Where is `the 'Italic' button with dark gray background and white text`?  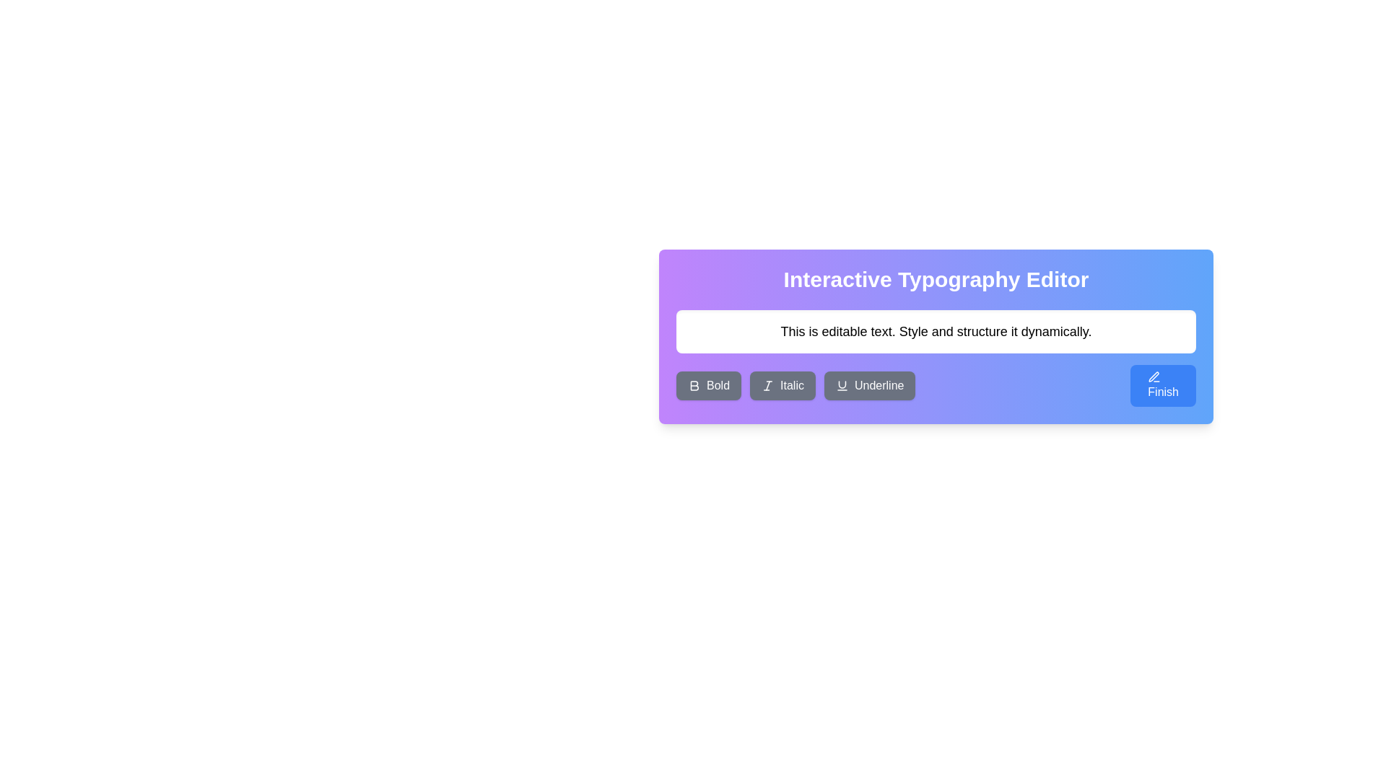
the 'Italic' button with dark gray background and white text is located at coordinates (782, 385).